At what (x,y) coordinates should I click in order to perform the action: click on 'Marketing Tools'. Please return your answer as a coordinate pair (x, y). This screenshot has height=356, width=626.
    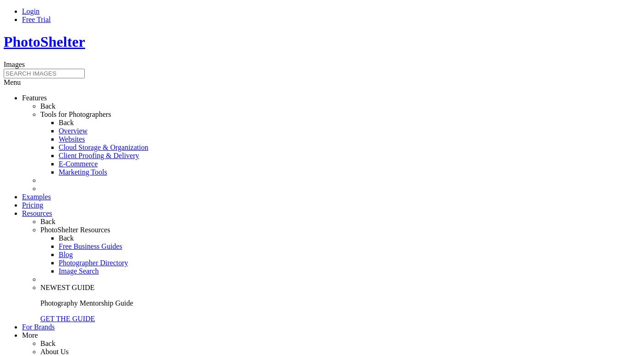
    Looking at the image, I should click on (58, 171).